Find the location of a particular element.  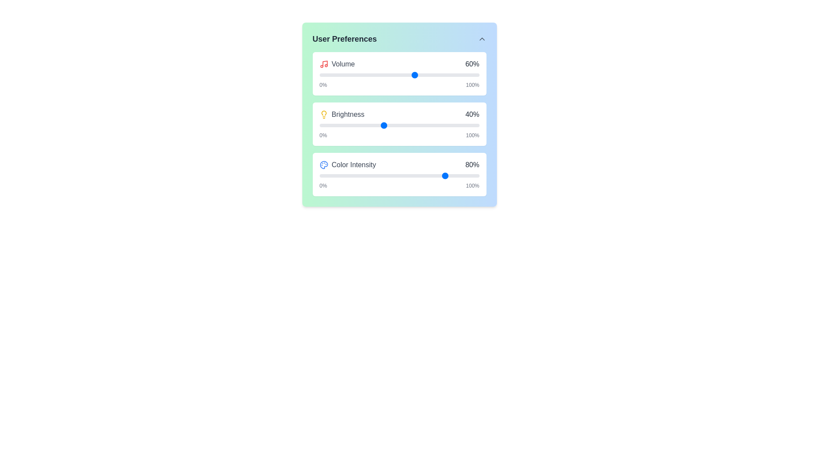

the '0%' label indicating the minimum value for the associated volume slider is located at coordinates (323, 85).